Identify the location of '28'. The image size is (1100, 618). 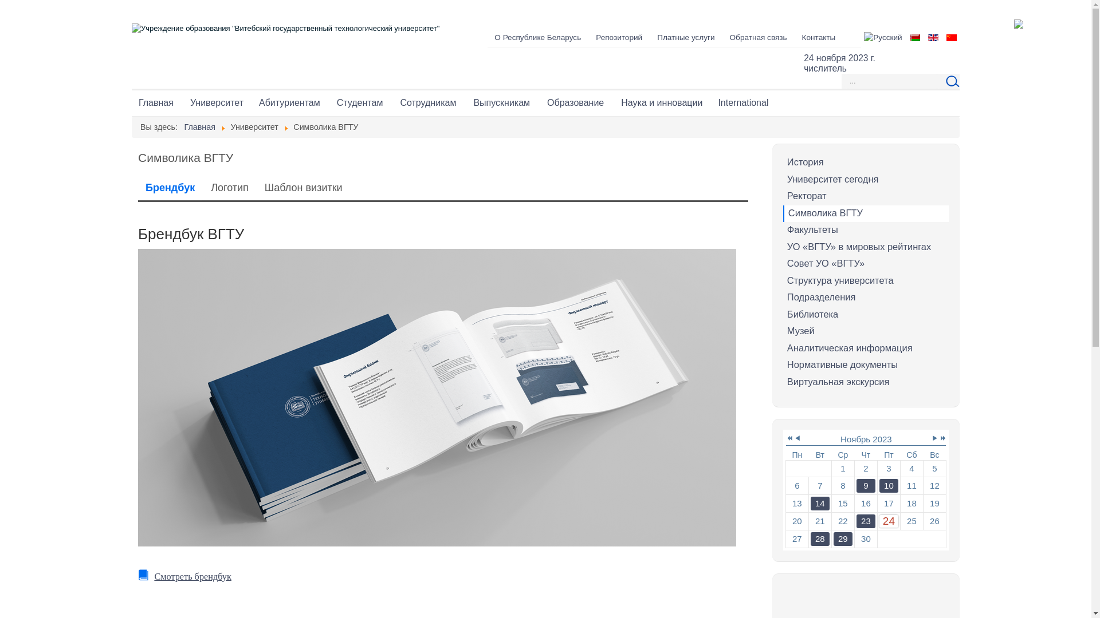
(819, 538).